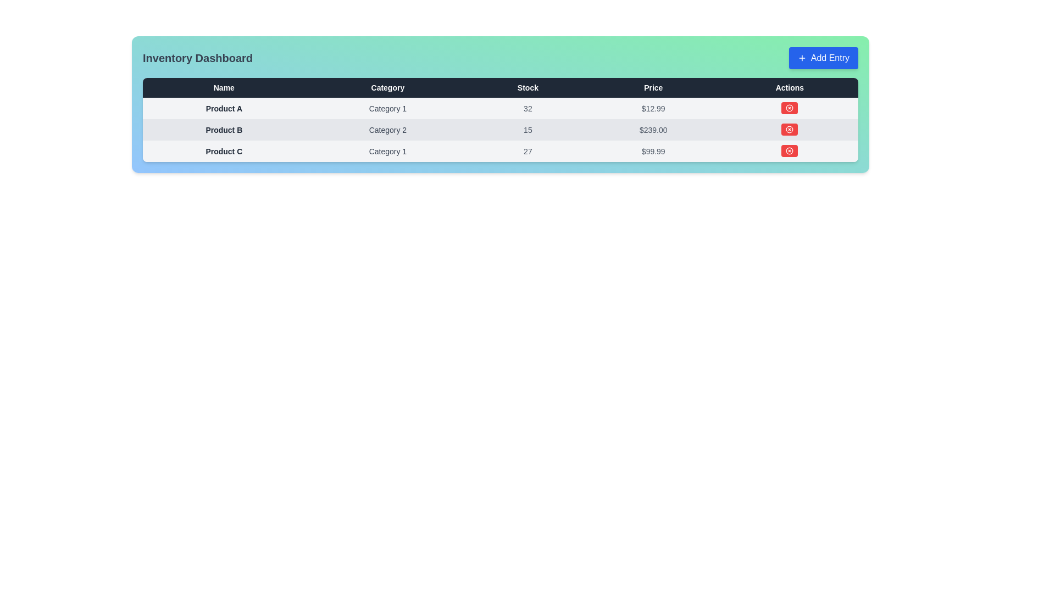  I want to click on the bold, dark gray text label reading 'Product A' located in the first column of the second row of the 'Inventory Dashboard', so click(223, 108).